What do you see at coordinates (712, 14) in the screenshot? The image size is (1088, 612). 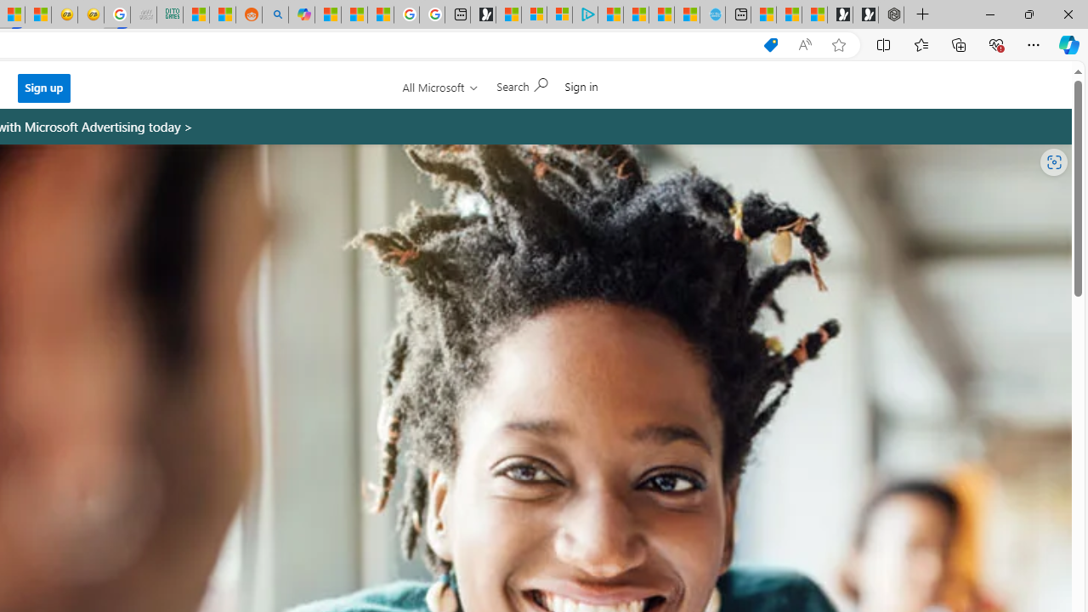 I see `'Home | Sky Blue Bikes - Sky Blue Bikes'` at bounding box center [712, 14].